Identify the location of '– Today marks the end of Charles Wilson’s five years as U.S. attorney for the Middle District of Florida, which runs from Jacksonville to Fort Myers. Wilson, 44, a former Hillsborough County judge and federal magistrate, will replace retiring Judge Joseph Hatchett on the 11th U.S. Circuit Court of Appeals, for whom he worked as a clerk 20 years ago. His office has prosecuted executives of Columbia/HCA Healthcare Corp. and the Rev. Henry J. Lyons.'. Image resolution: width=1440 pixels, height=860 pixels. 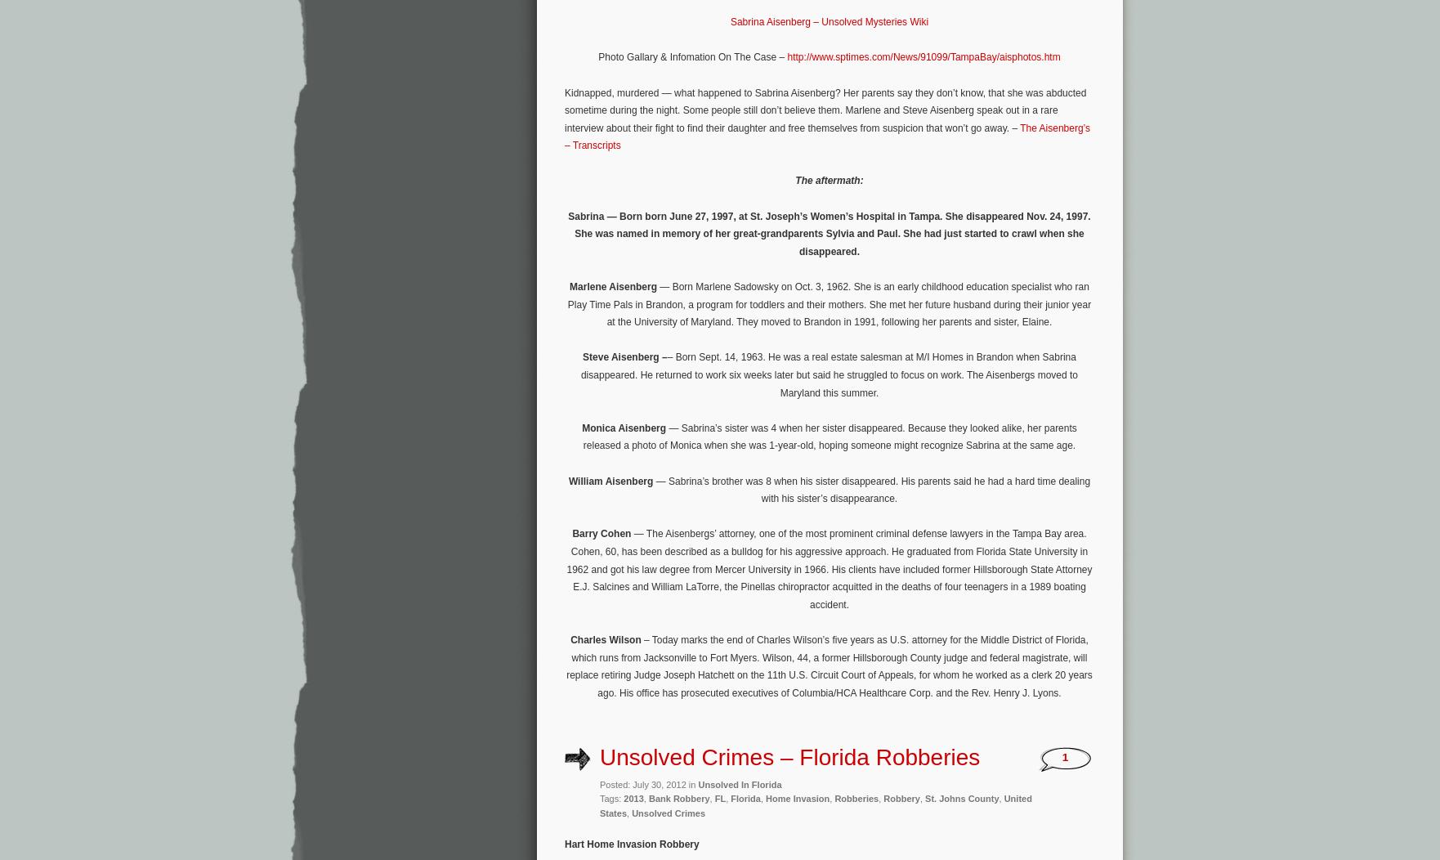
(829, 665).